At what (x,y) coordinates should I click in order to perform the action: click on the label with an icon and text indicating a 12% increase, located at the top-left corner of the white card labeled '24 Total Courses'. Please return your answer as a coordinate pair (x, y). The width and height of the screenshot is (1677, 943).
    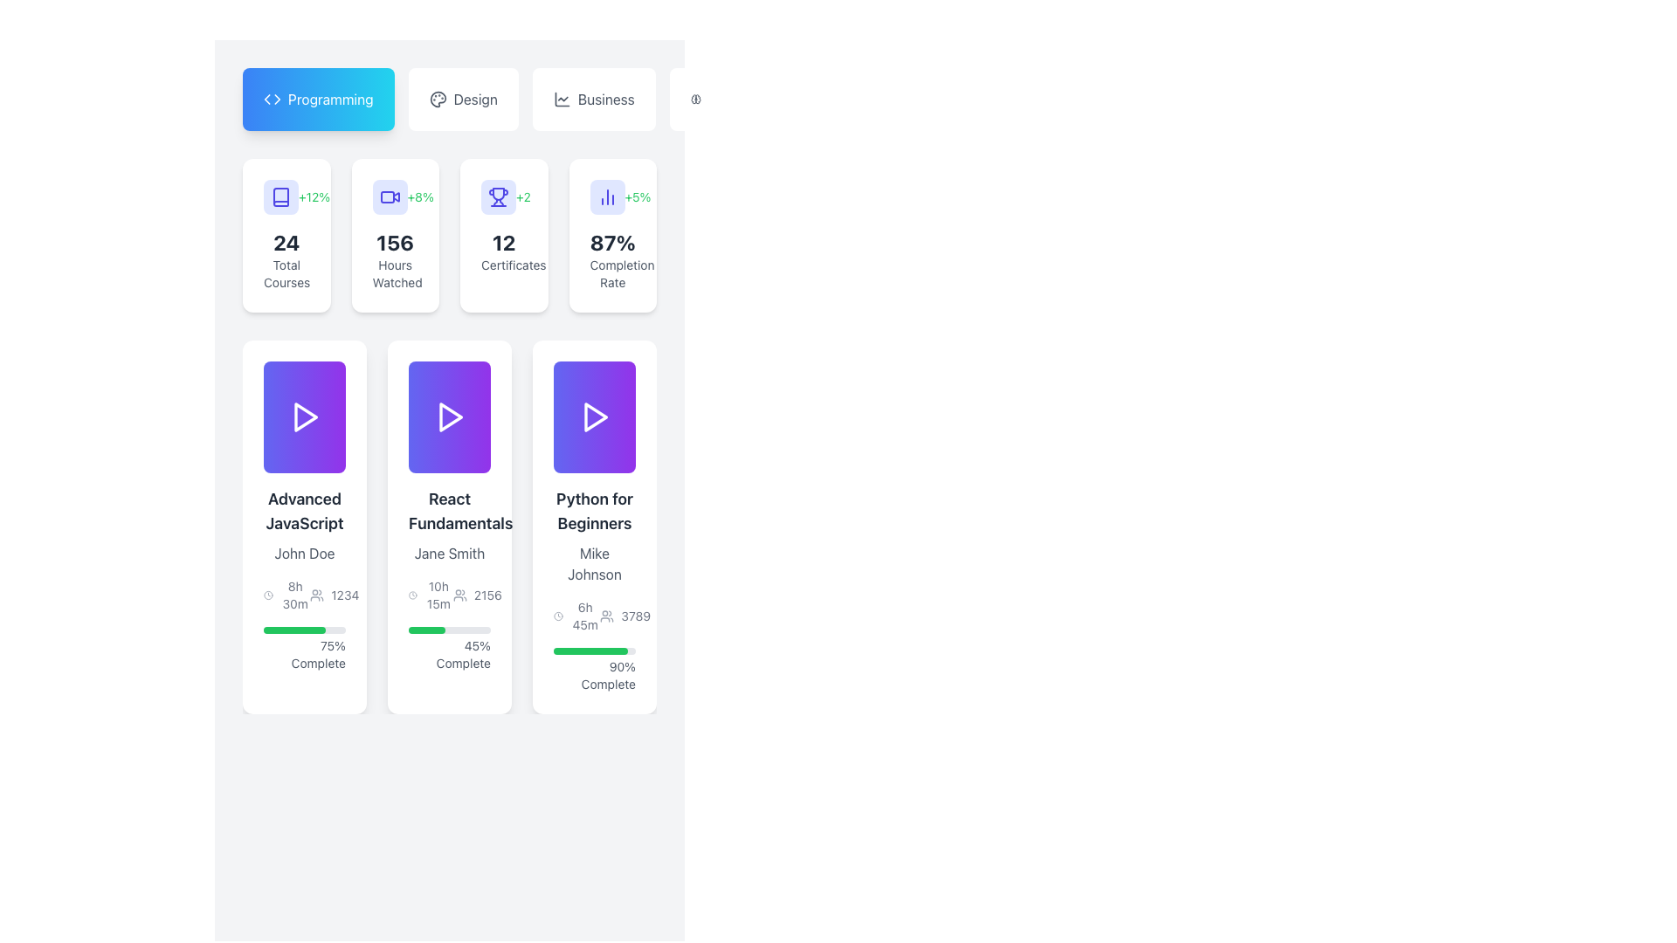
    Looking at the image, I should click on (286, 196).